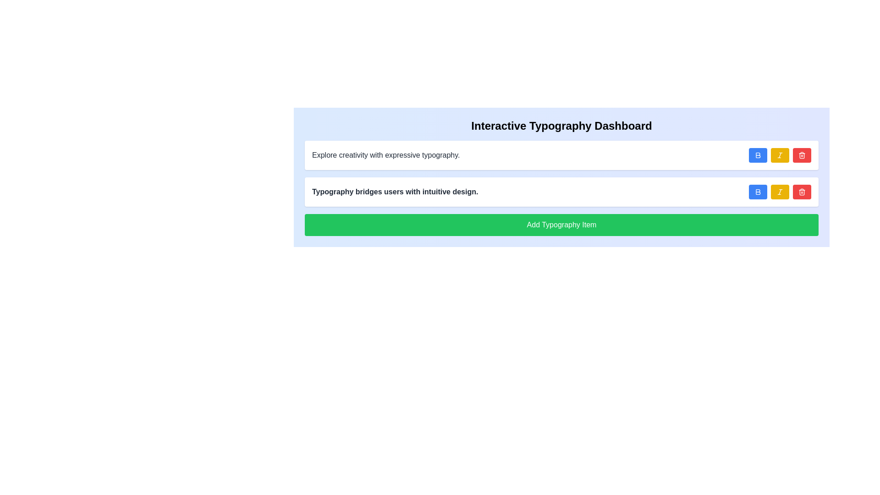 The height and width of the screenshot is (495, 880). I want to click on the stylized bold text icon represented by the letter 'B' located within a button group to the right of a text input field in the top-row entry of the interactive typography dashboard, so click(758, 155).